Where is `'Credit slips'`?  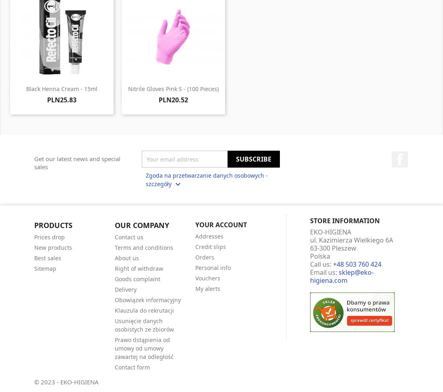 'Credit slips' is located at coordinates (211, 246).